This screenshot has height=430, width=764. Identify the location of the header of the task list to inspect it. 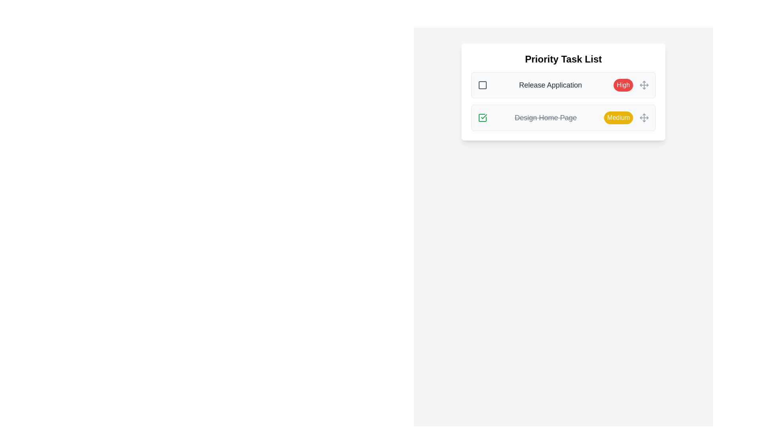
(563, 59).